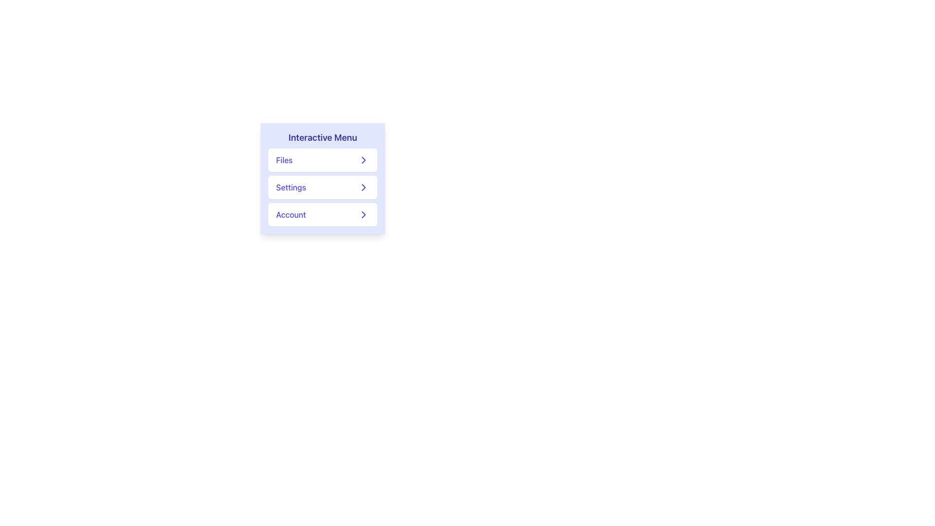 This screenshot has width=935, height=526. What do you see at coordinates (363, 188) in the screenshot?
I see `the indigo right-pointing chevron icon within the 'Settings' menu item, which is the second menu entry in a vertical stack` at bounding box center [363, 188].